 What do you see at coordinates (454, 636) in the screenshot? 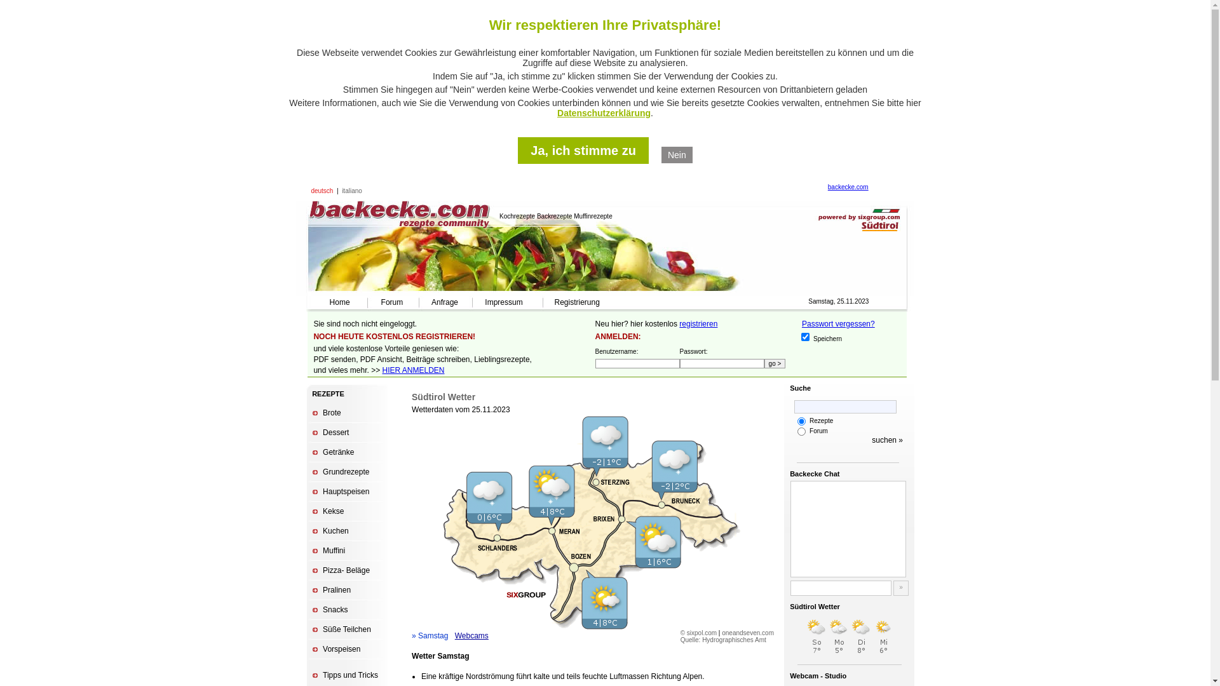
I see `'Webcams'` at bounding box center [454, 636].